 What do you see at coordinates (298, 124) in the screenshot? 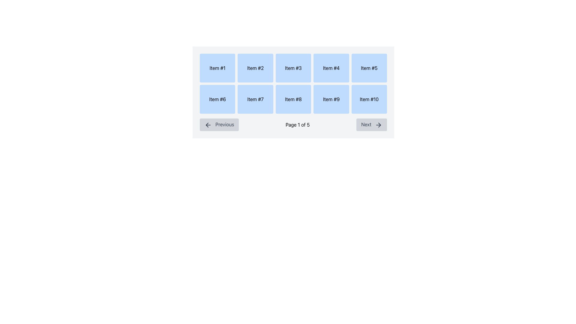
I see `the text label displaying 'Page 1 of 5', which is located centrally between the 'Previous' and 'Next' buttons of the pagination controls` at bounding box center [298, 124].